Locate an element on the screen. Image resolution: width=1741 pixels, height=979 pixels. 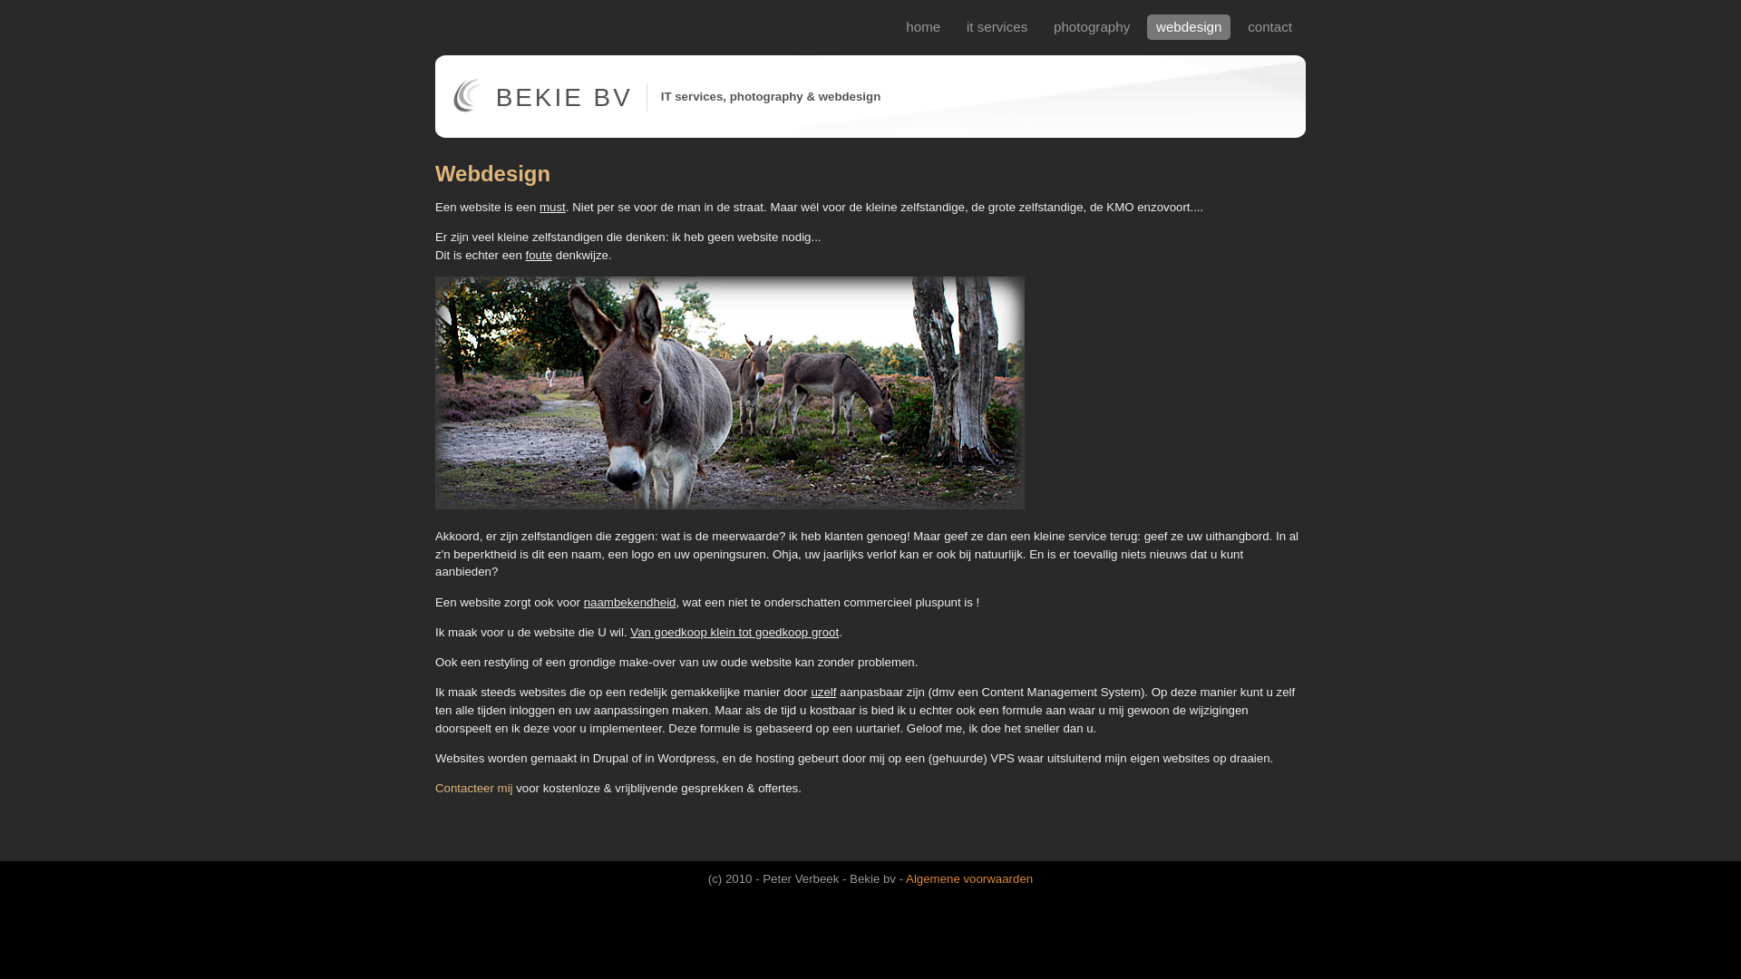
'it services' is located at coordinates (998, 26).